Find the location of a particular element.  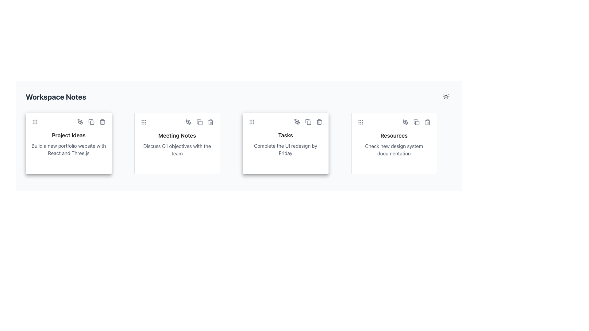

the second icon button in the toolbar section of the 'Tasks' card is located at coordinates (308, 122).